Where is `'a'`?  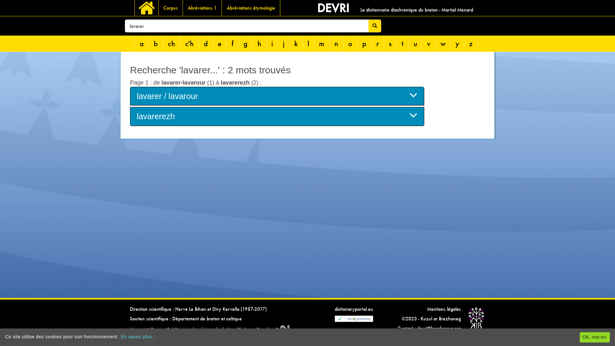
'a' is located at coordinates (141, 43).